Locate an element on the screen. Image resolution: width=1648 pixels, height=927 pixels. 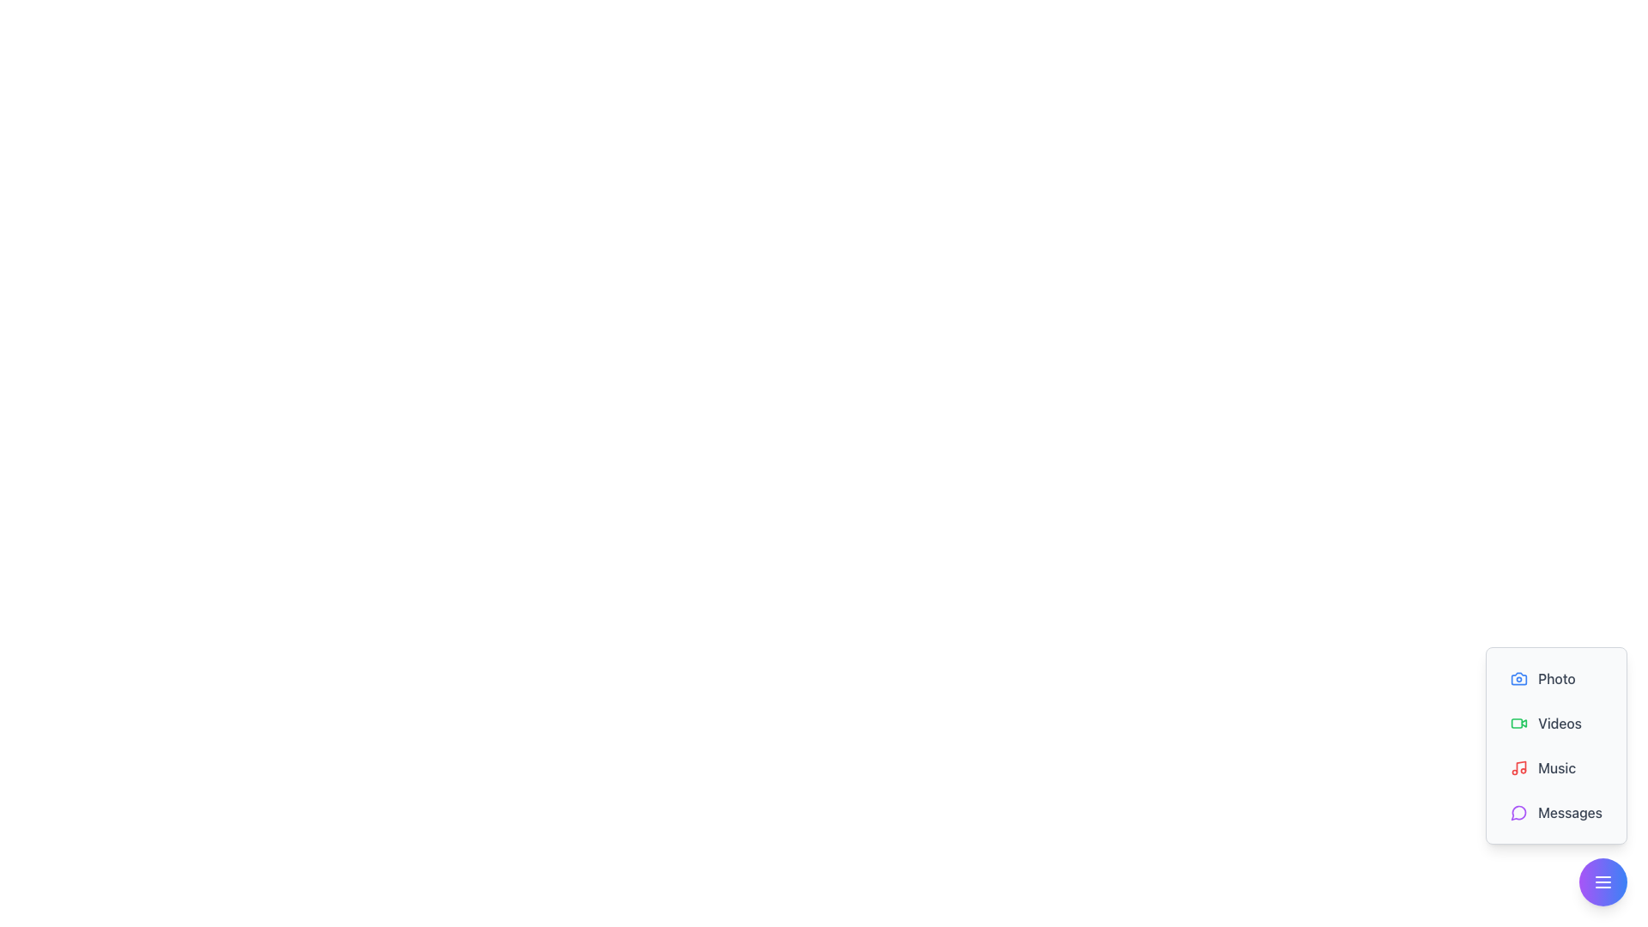
the first clickable menu item containing a blue camera icon and the text 'Photo' is located at coordinates (1556, 677).